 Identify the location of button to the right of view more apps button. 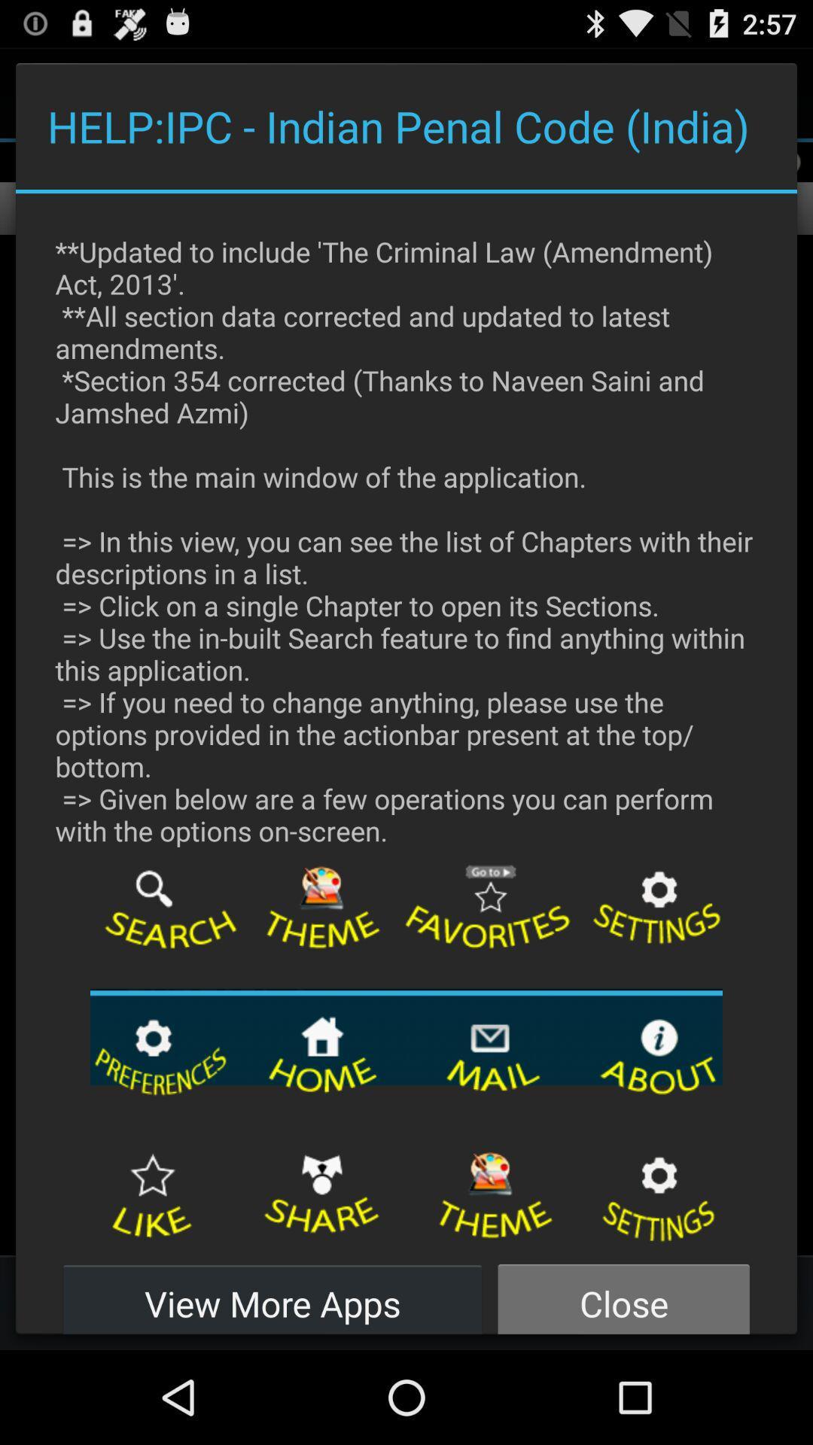
(623, 1294).